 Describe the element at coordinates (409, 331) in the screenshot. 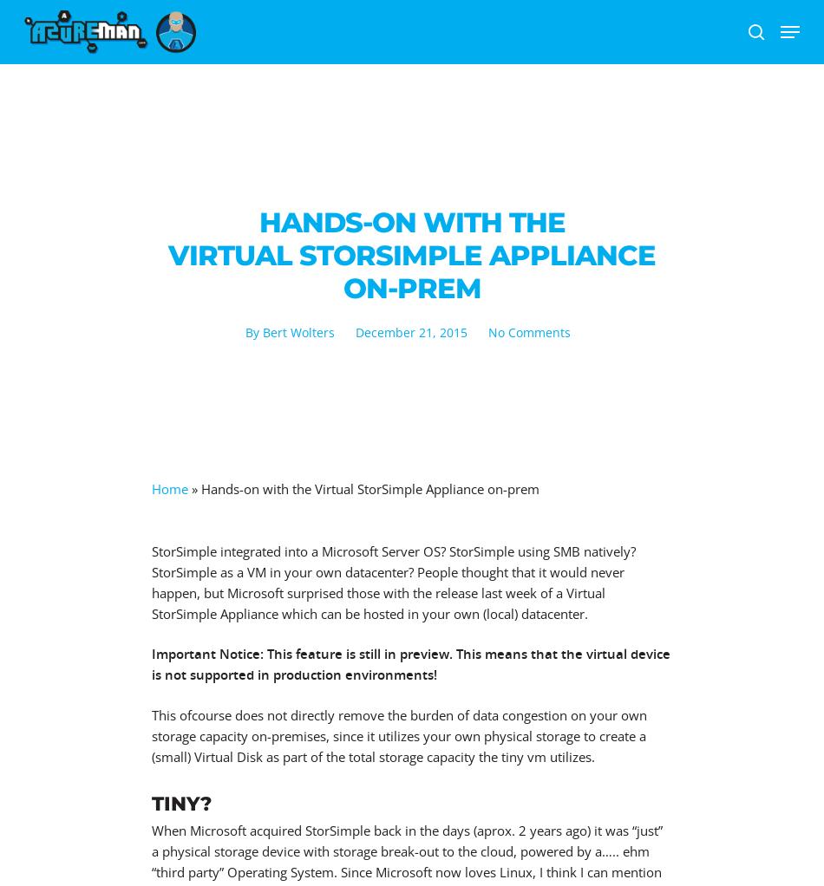

I see `'December 21, 2015'` at that location.